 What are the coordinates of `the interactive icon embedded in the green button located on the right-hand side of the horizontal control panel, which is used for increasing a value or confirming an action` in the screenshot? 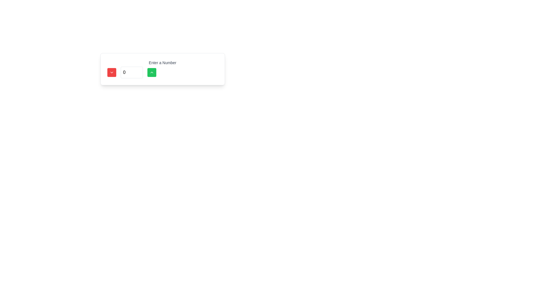 It's located at (152, 72).